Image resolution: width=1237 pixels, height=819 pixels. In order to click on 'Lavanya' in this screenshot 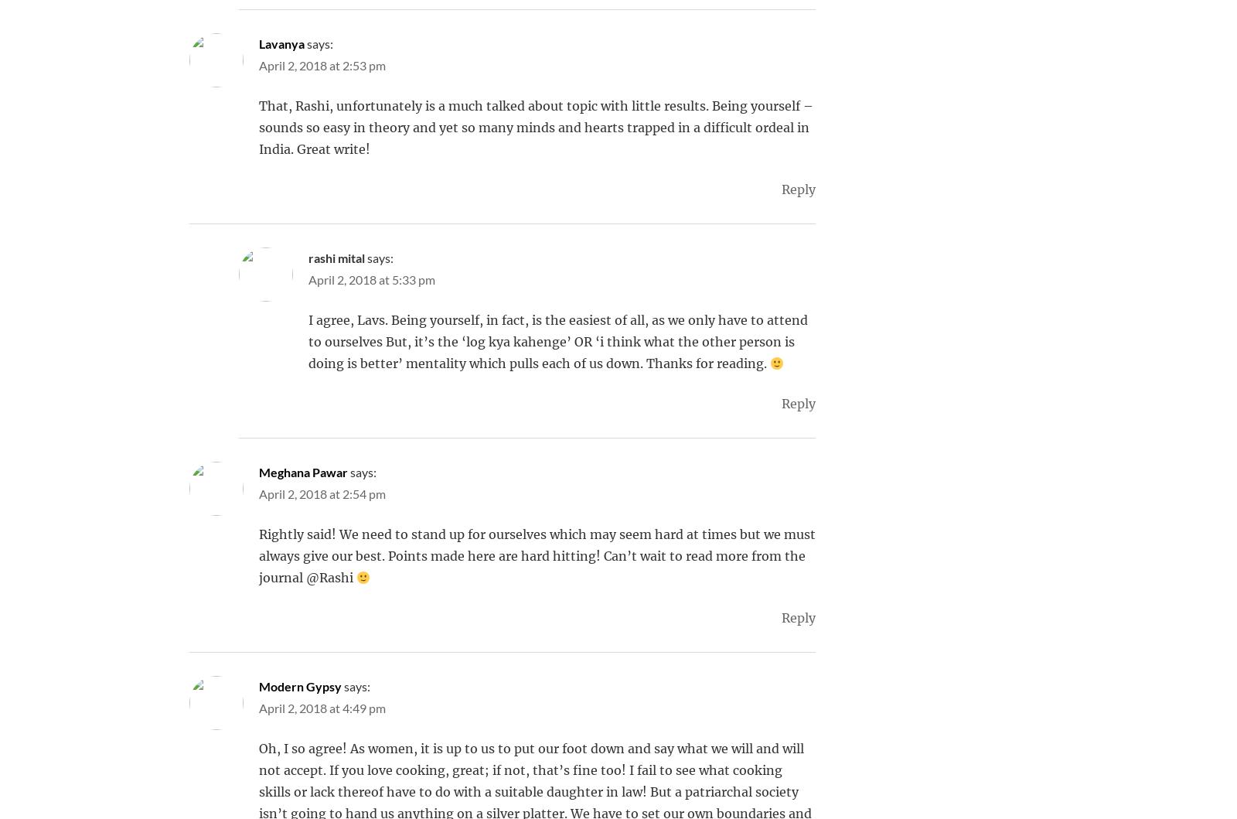, I will do `click(281, 43)`.